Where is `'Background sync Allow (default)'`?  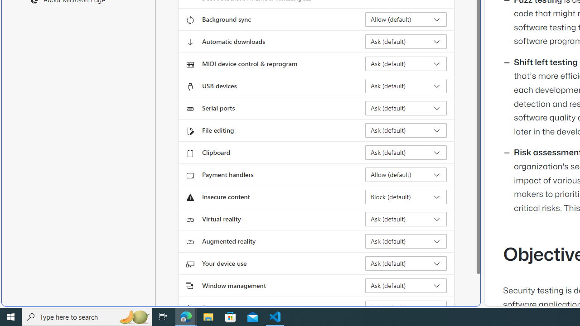
'Background sync Allow (default)' is located at coordinates (406, 19).